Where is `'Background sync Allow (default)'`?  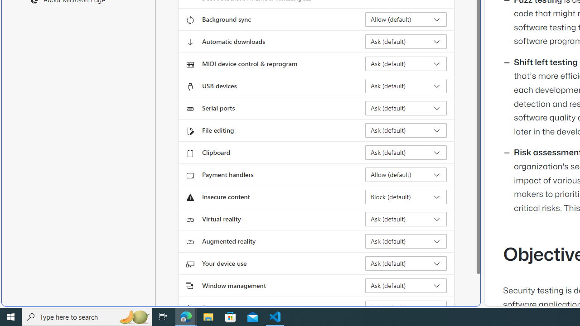
'Background sync Allow (default)' is located at coordinates (406, 19).